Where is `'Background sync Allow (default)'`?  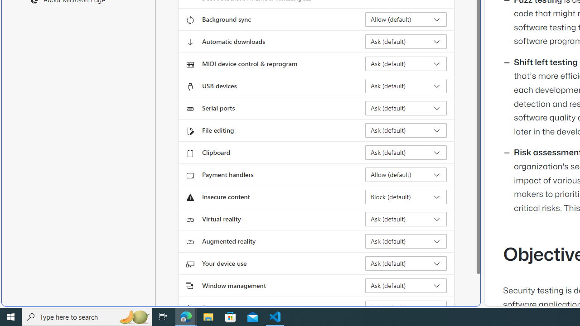
'Background sync Allow (default)' is located at coordinates (406, 19).